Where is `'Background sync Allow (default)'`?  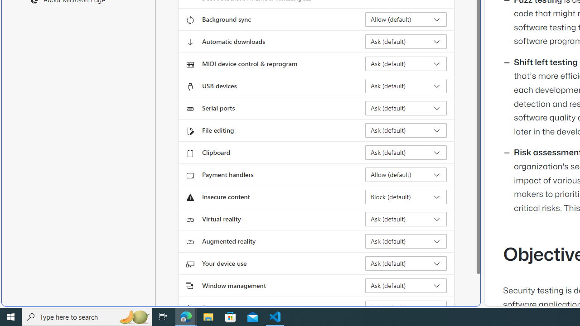
'Background sync Allow (default)' is located at coordinates (406, 19).